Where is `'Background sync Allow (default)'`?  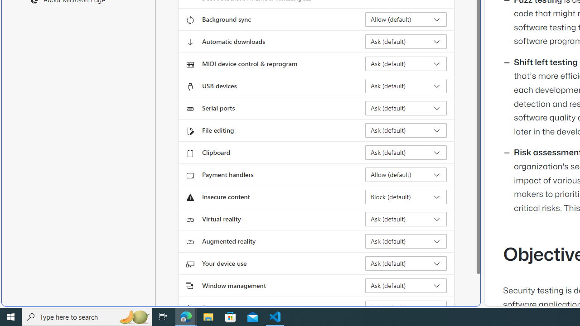
'Background sync Allow (default)' is located at coordinates (406, 19).